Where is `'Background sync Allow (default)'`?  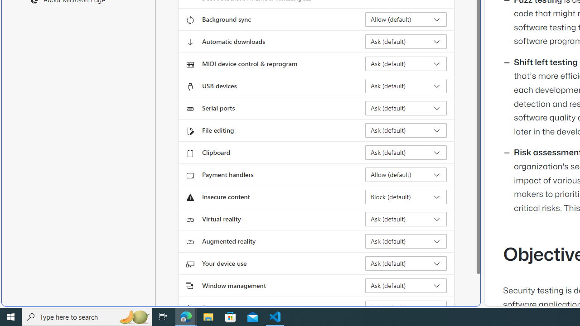
'Background sync Allow (default)' is located at coordinates (406, 19).